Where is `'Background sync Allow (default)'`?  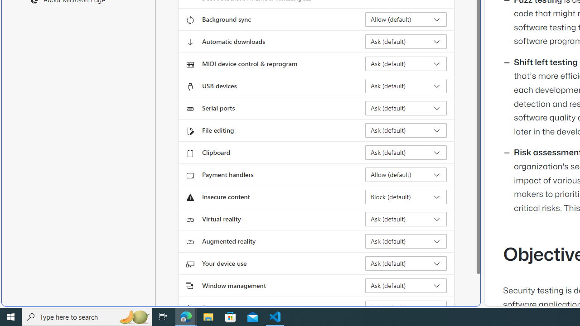
'Background sync Allow (default)' is located at coordinates (406, 19).